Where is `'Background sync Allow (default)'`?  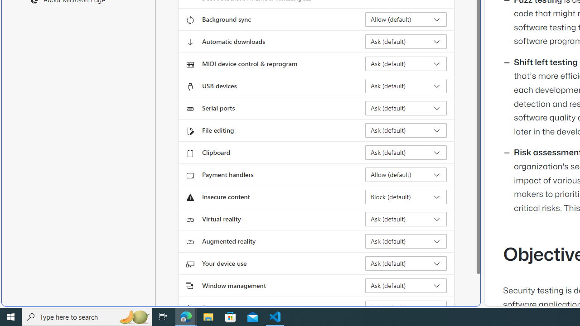
'Background sync Allow (default)' is located at coordinates (406, 19).